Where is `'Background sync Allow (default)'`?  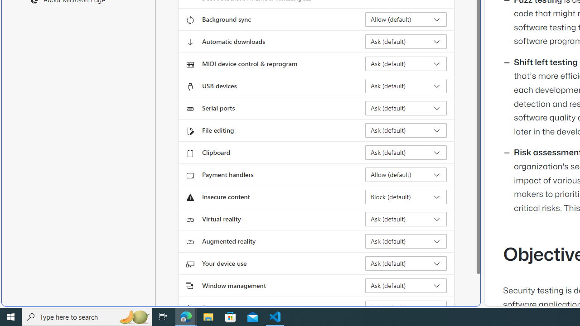
'Background sync Allow (default)' is located at coordinates (406, 19).